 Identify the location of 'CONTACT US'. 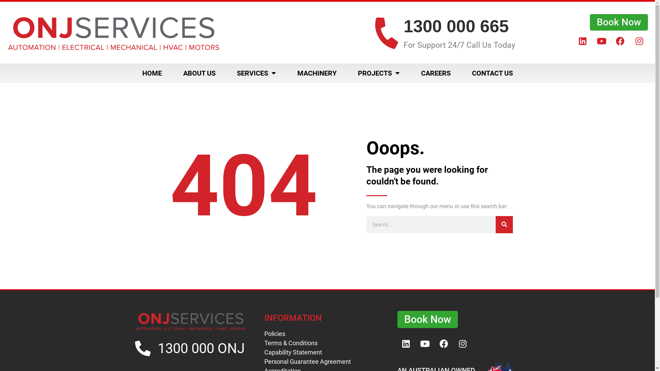
(492, 73).